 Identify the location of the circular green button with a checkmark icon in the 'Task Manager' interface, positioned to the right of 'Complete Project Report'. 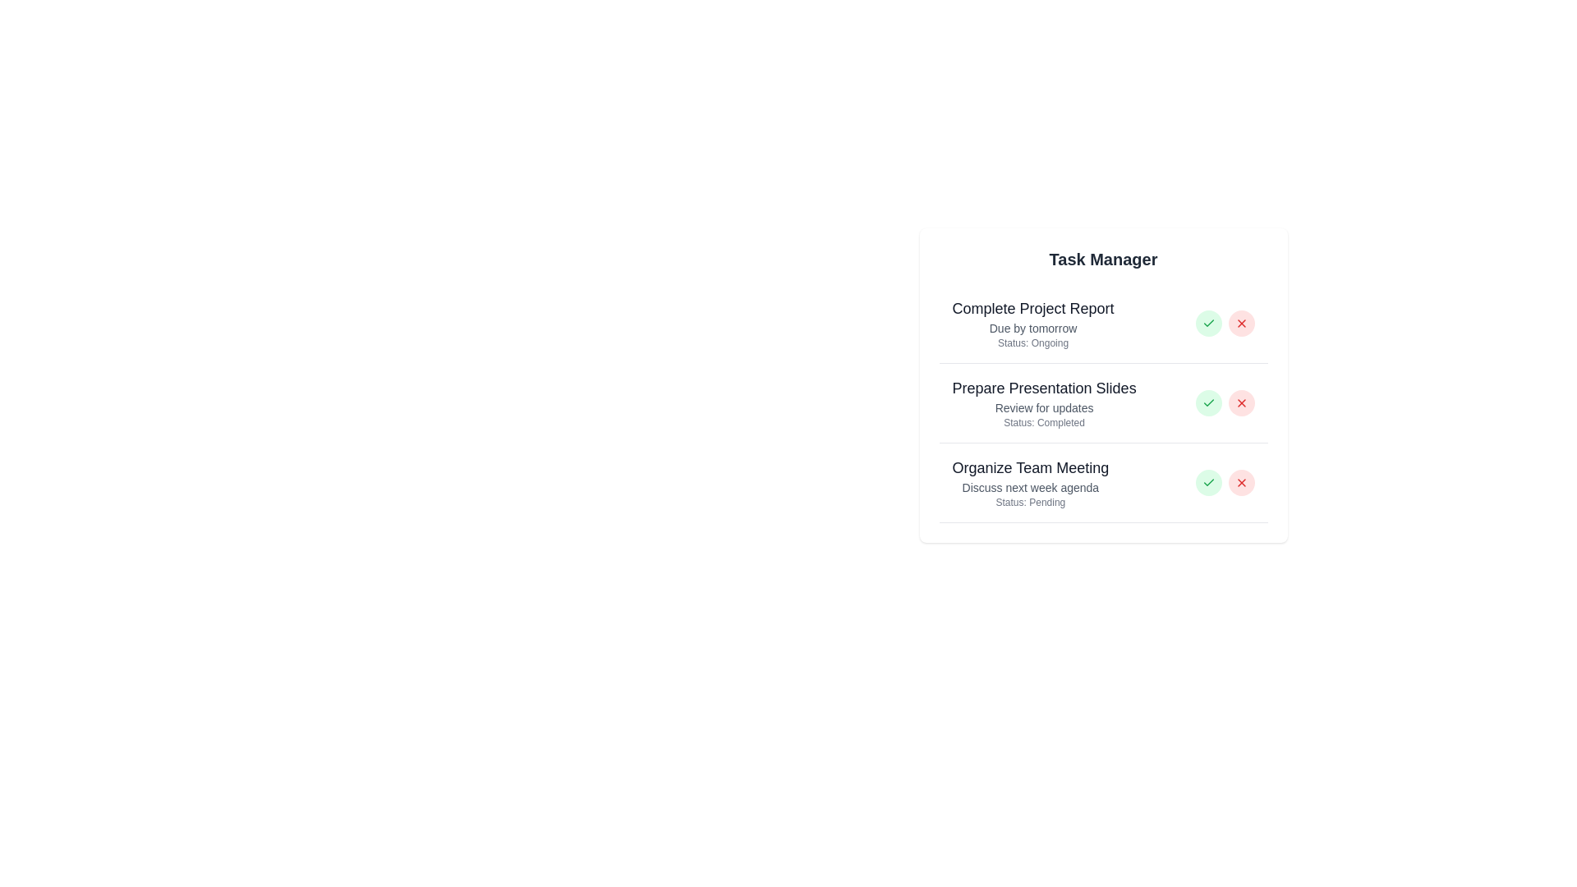
(1208, 323).